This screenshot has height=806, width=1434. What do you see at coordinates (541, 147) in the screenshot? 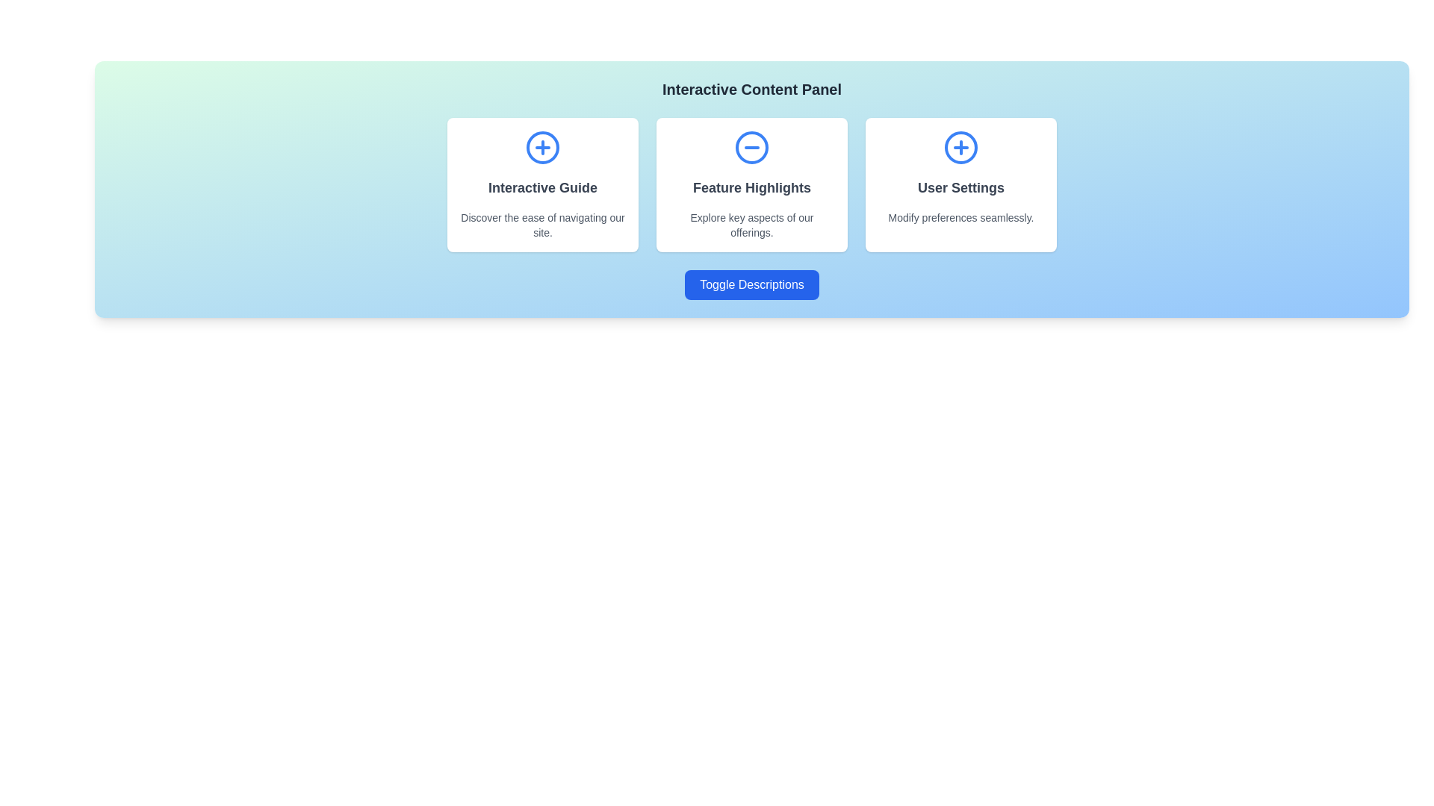
I see `the circular icon with a plus sign located in the 'Interactive Guide' card, centrally positioned above the card title` at bounding box center [541, 147].